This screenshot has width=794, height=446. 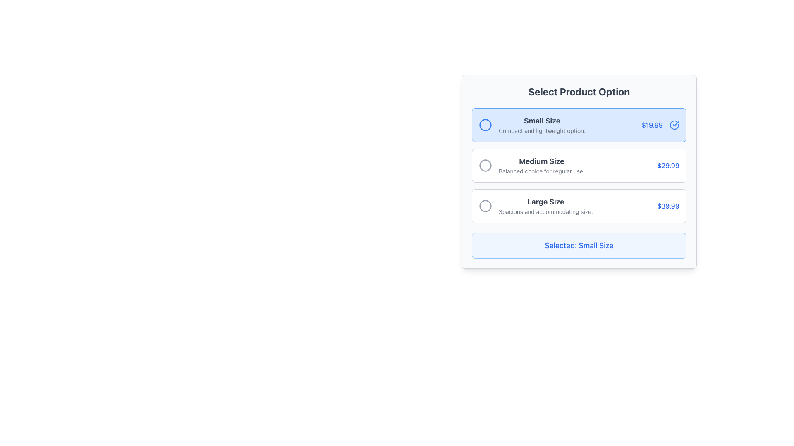 I want to click on price information displayed in the blue-colored text label showing '$29.99', located at the far right of the 'Medium Size' selection card, so click(x=668, y=166).